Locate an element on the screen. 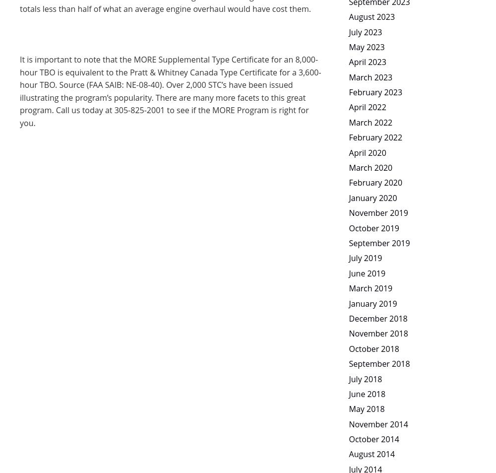  'February 2020' is located at coordinates (375, 182).